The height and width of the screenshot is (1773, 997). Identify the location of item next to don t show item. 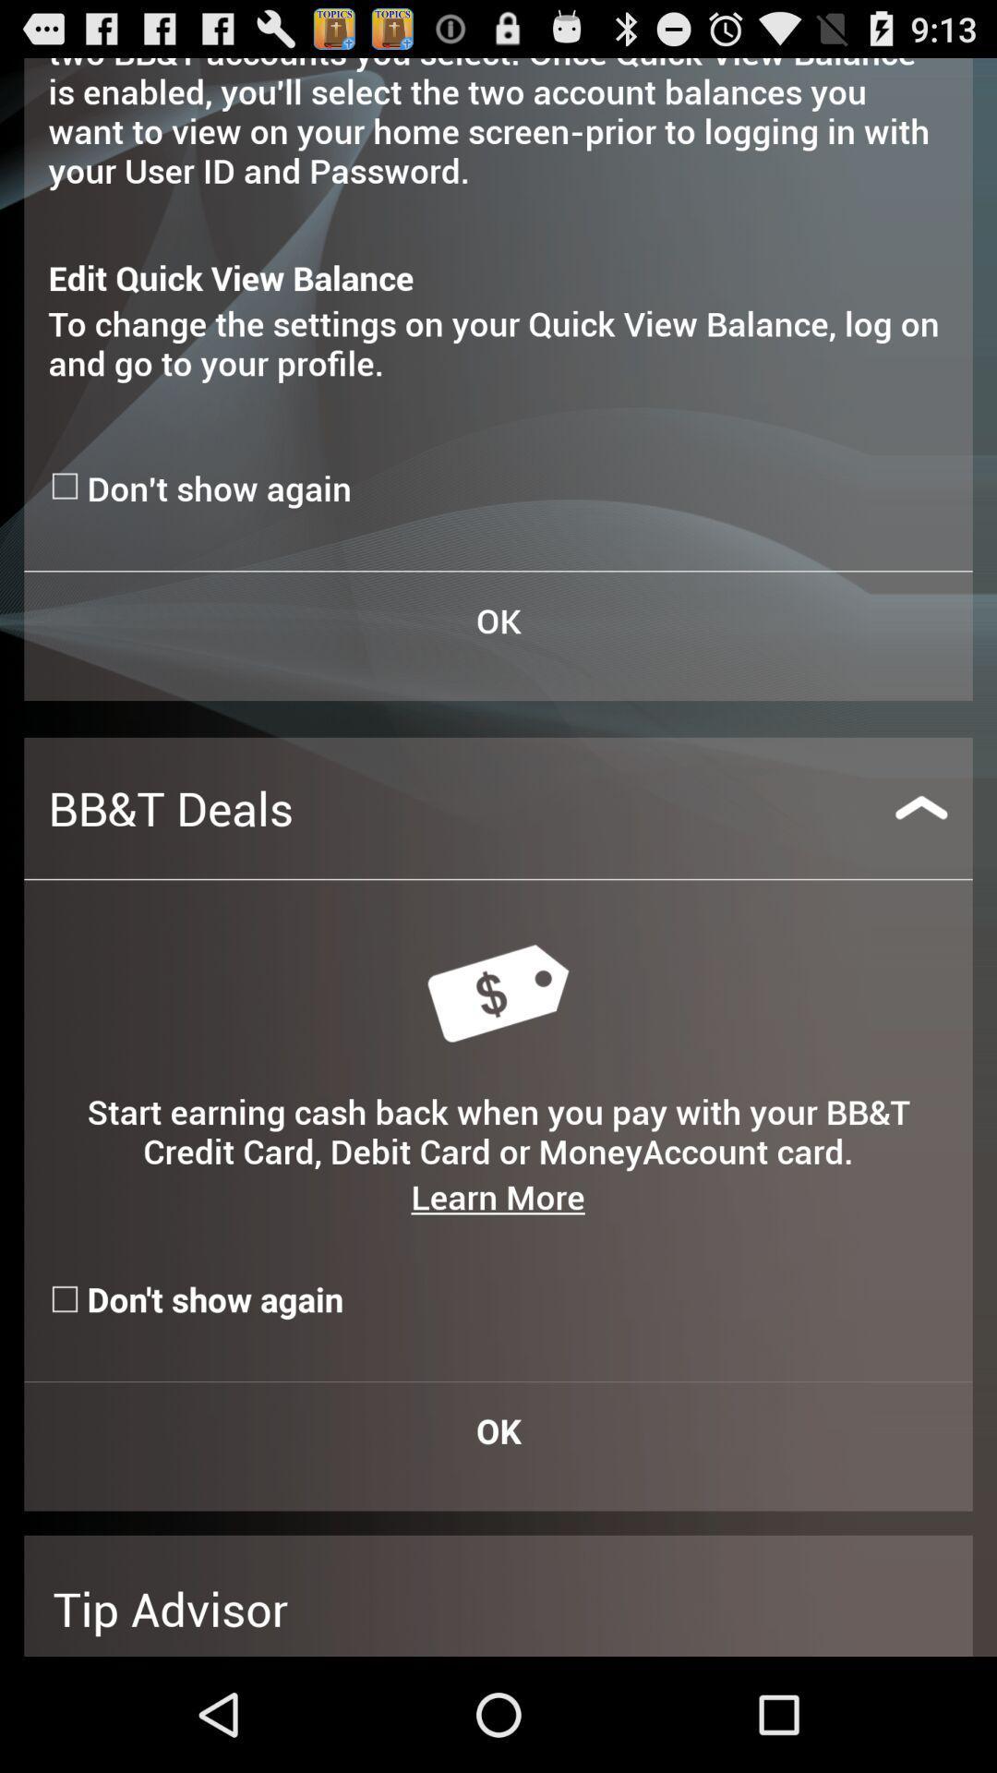
(66, 486).